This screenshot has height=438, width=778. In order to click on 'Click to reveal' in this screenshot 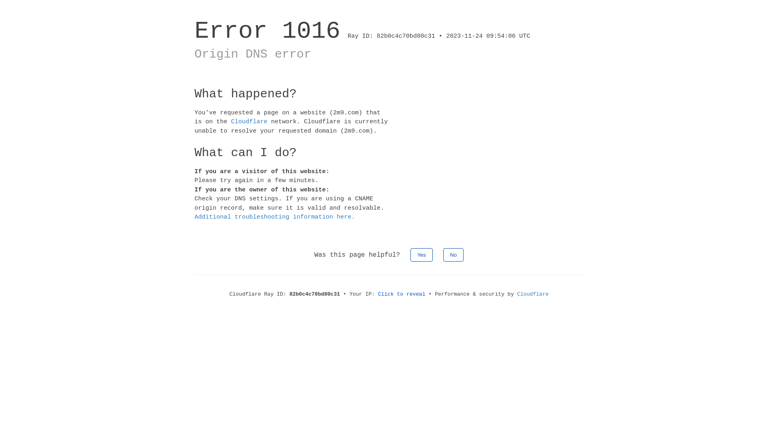, I will do `click(402, 294)`.